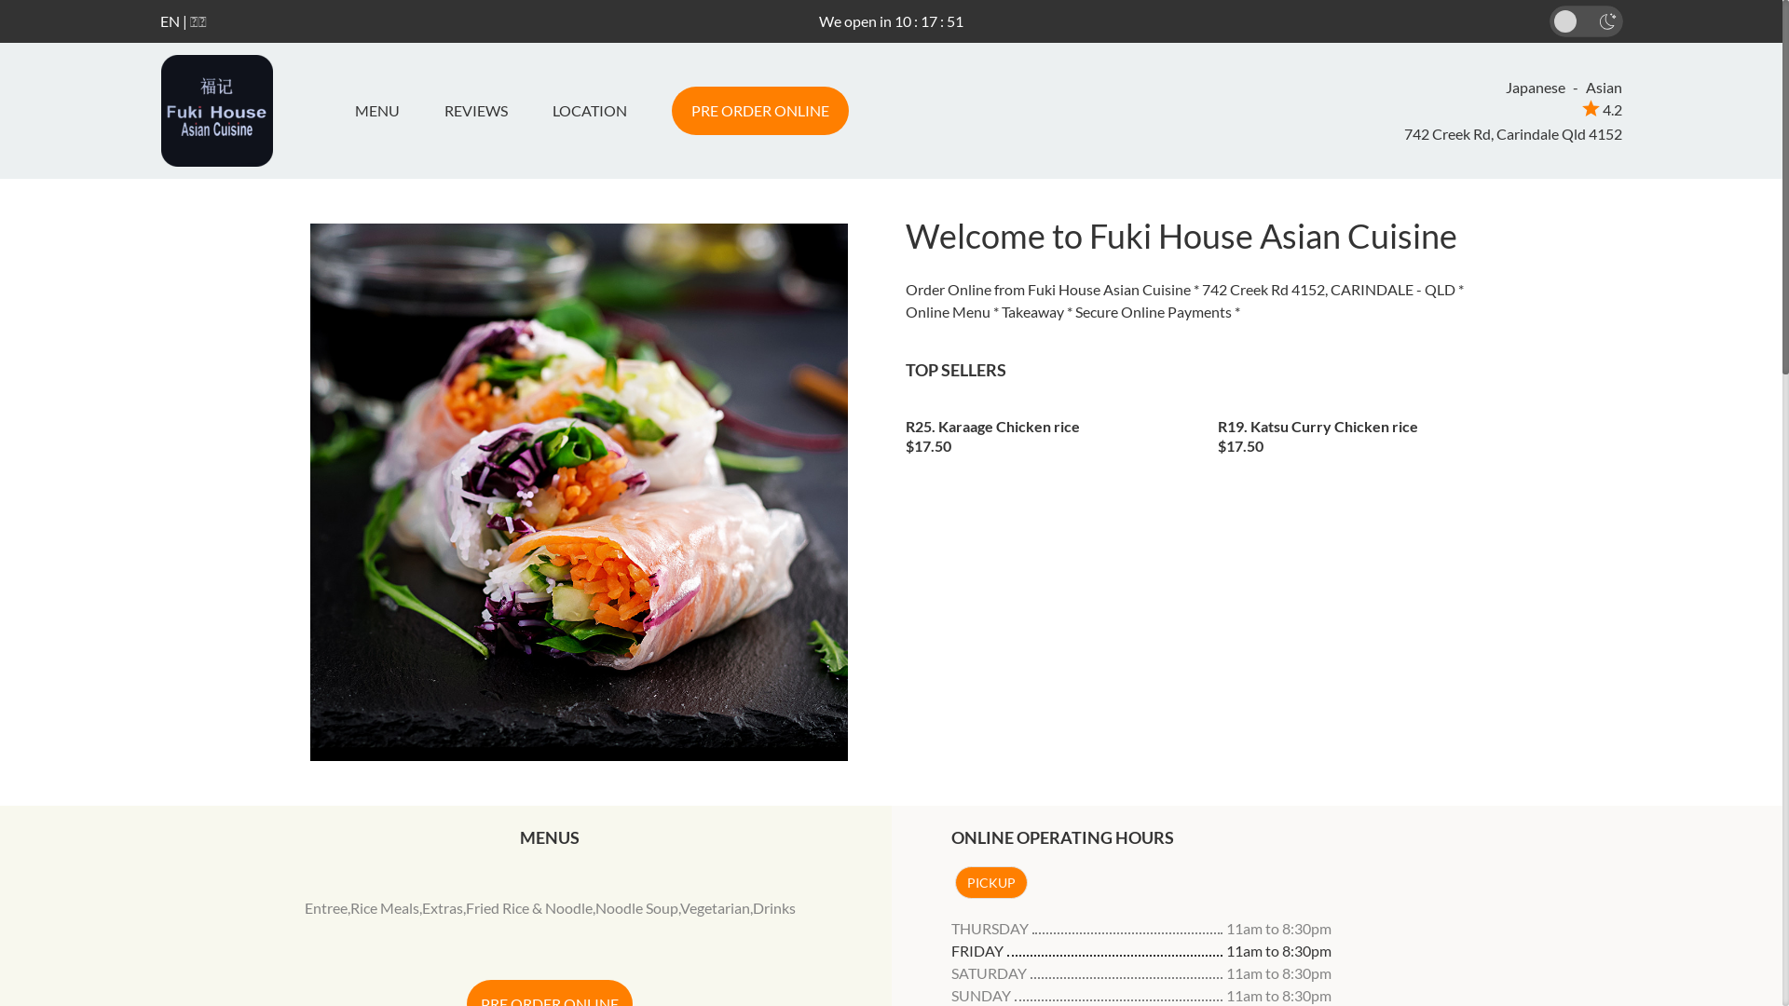 Image resolution: width=1789 pixels, height=1006 pixels. Describe the element at coordinates (989, 881) in the screenshot. I see `'PICKUP'` at that location.